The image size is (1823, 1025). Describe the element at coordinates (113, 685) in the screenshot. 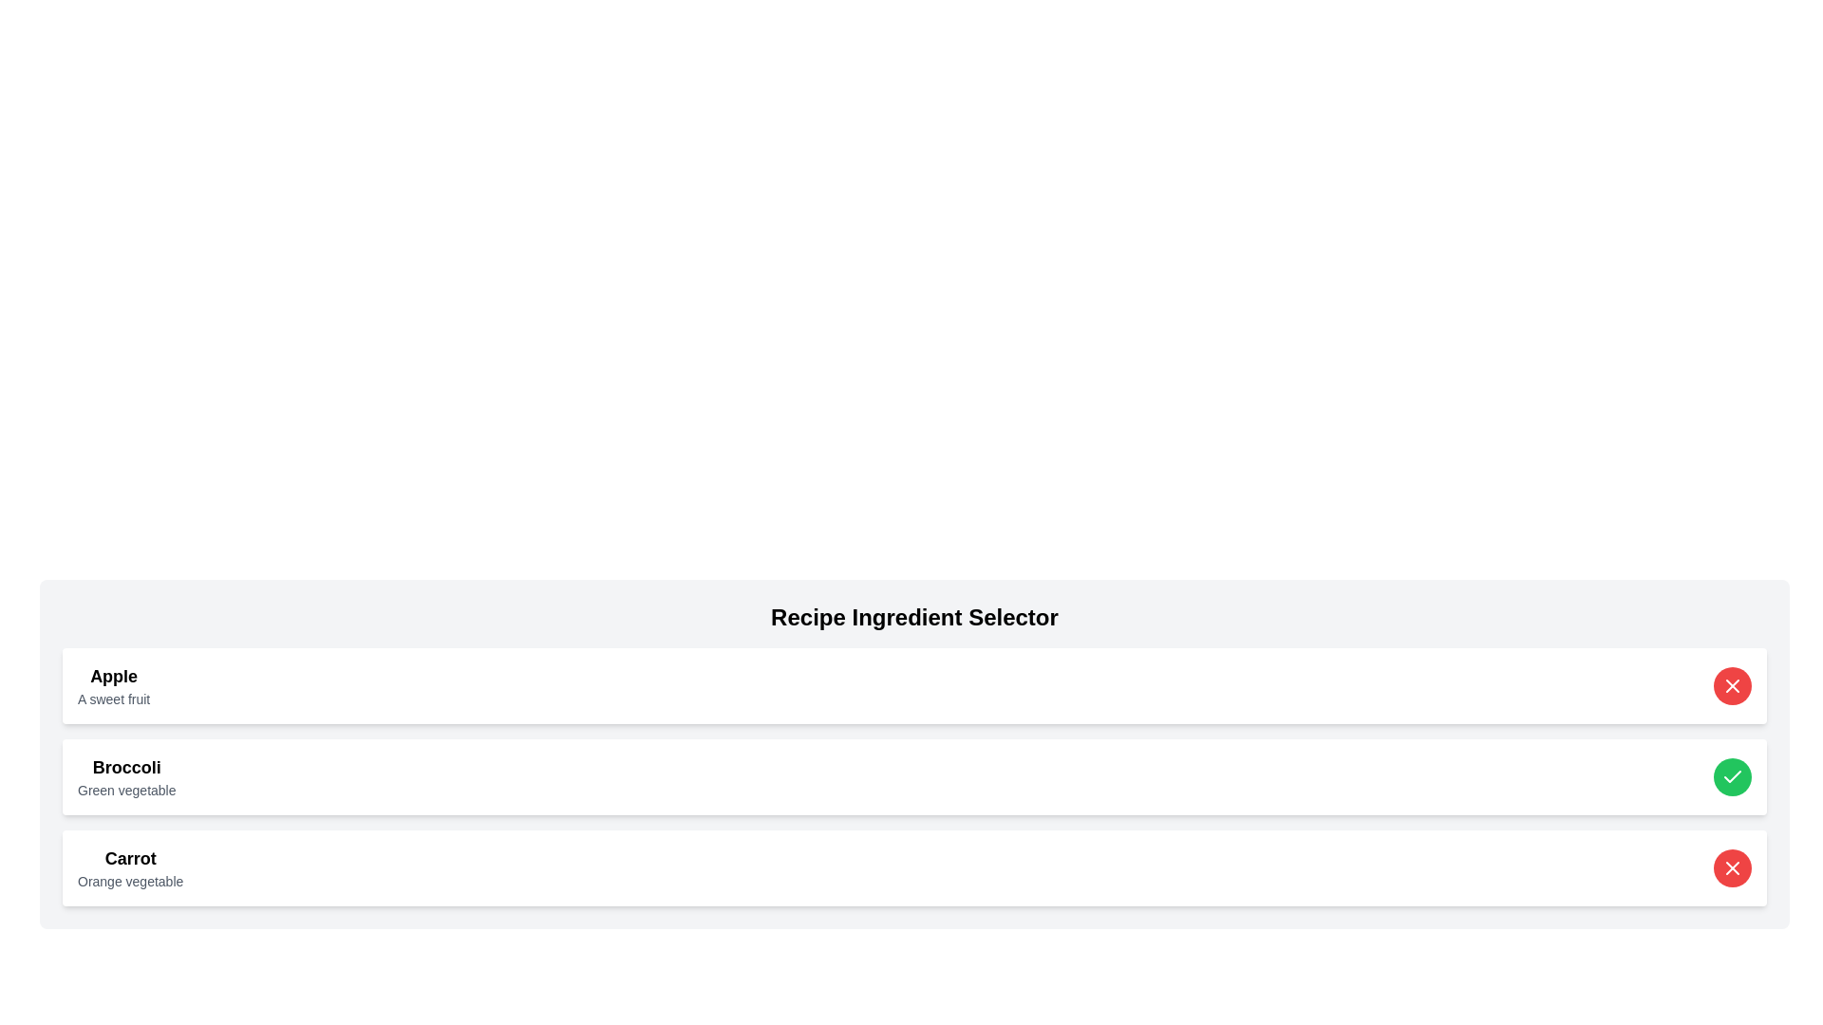

I see `the Text label that serves as a title for the card row, positioned at the top-left corner of the card layout, above the 'Broccoli' and 'Carrot' entries` at that location.